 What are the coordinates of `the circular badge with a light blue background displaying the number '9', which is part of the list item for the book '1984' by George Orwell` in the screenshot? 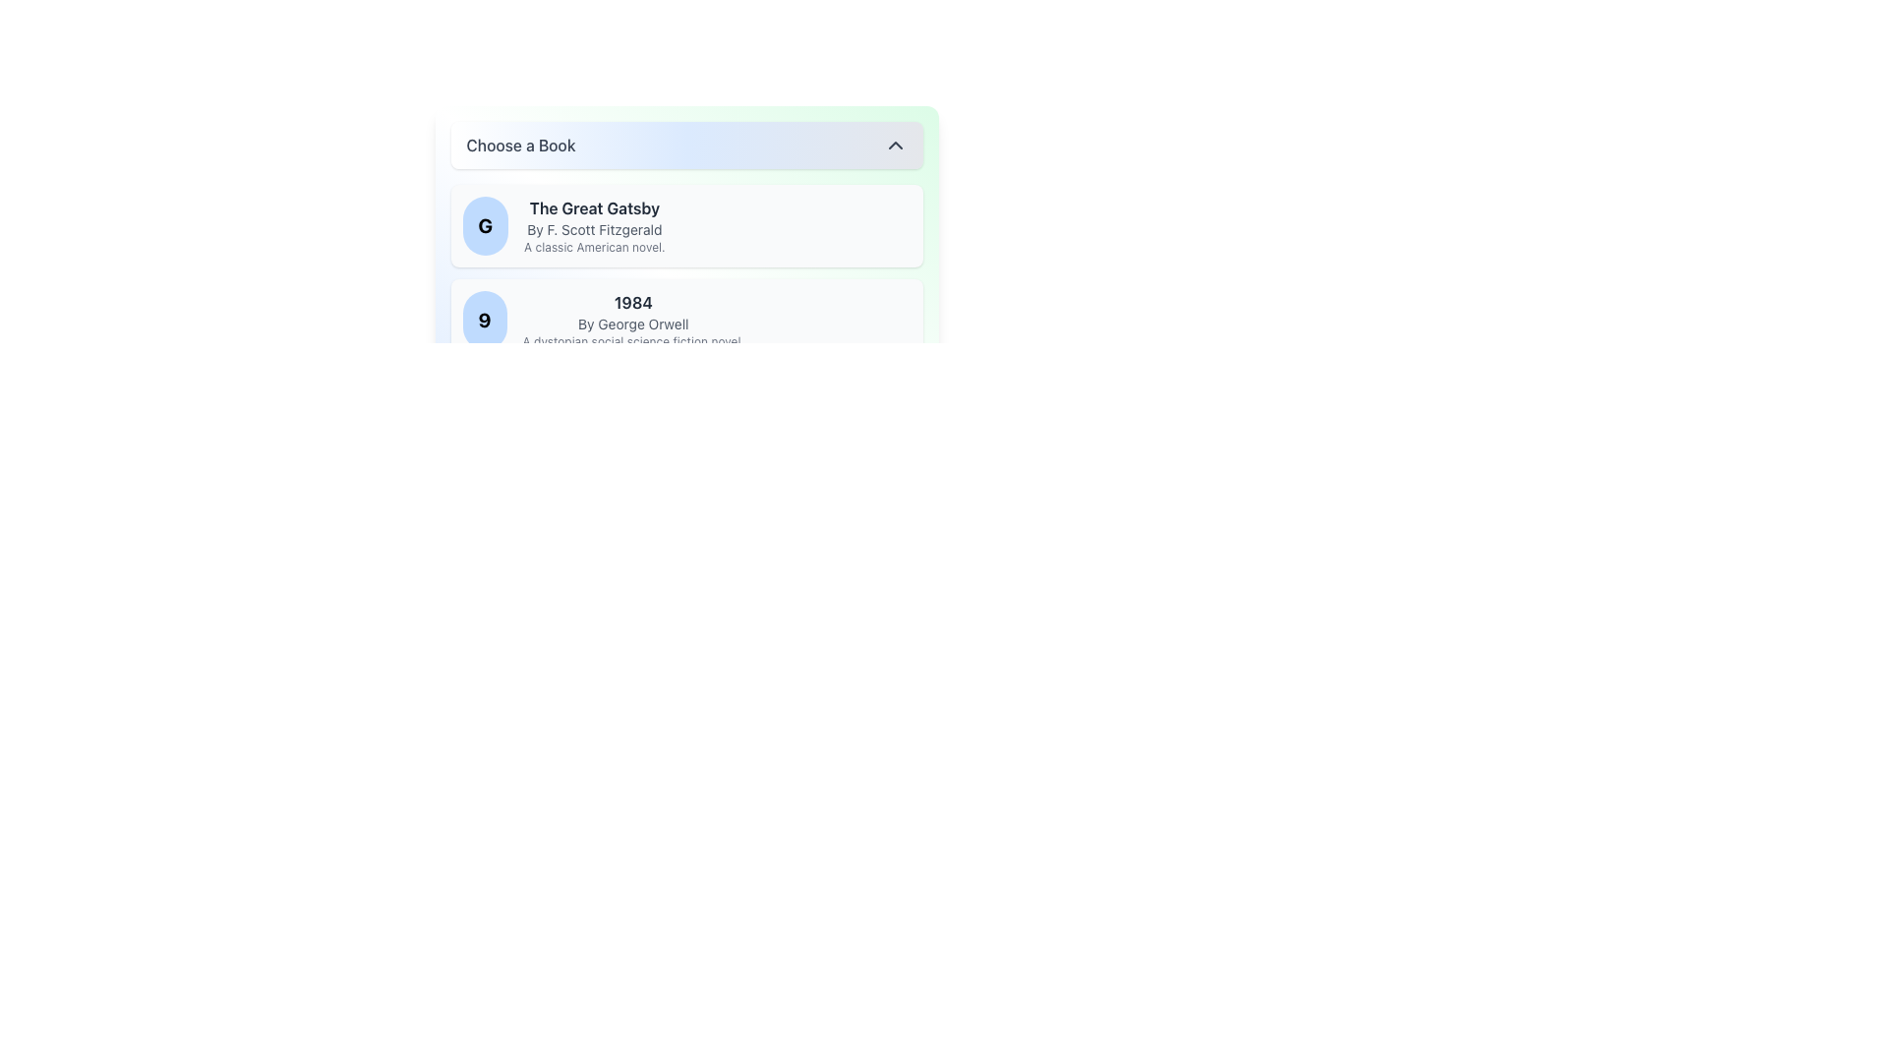 It's located at (485, 320).